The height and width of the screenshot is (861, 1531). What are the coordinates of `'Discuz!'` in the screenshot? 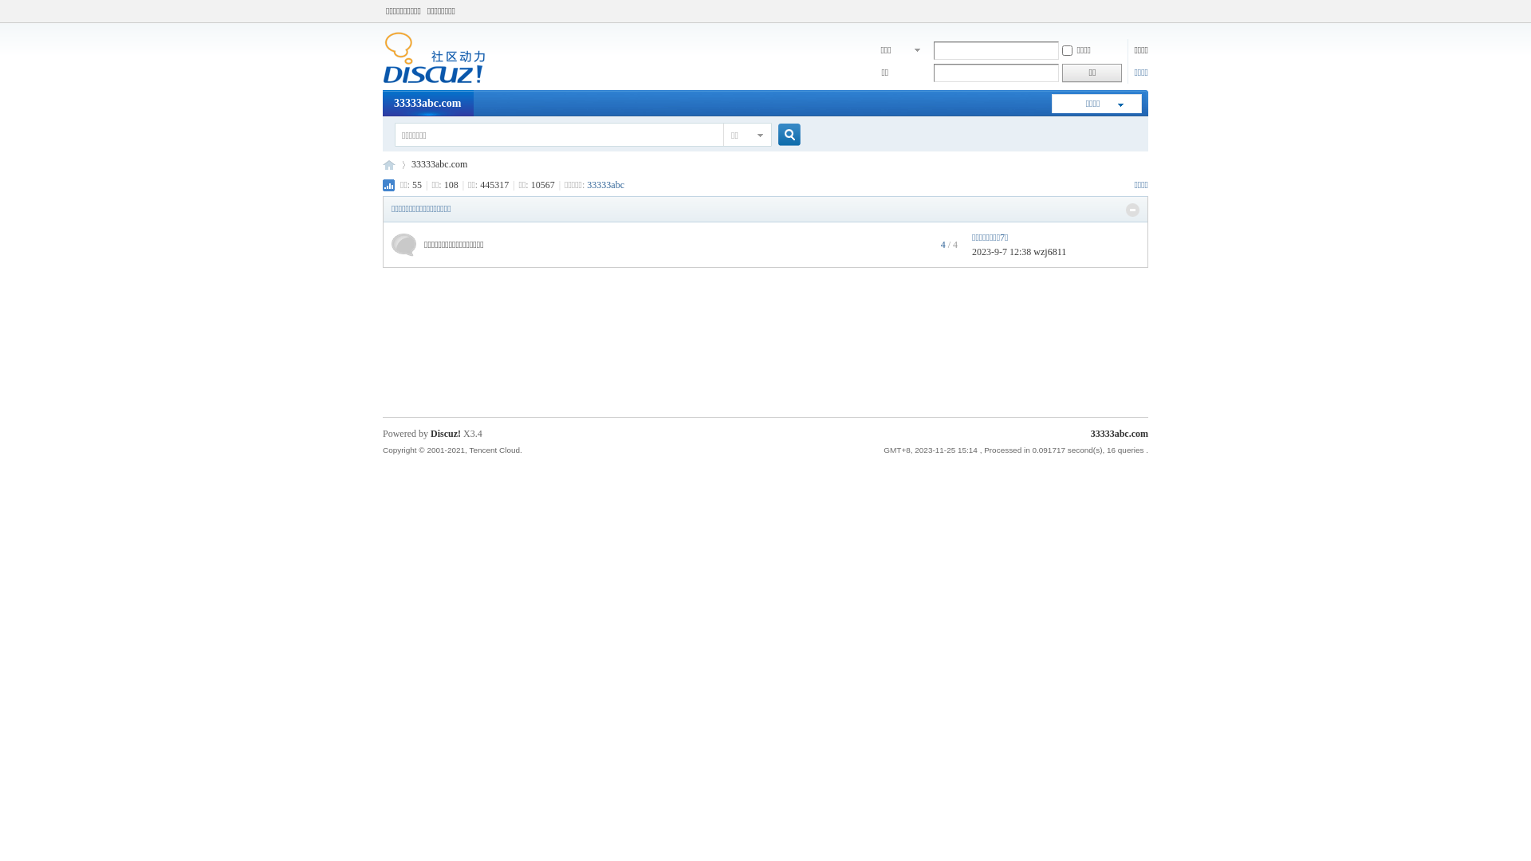 It's located at (445, 433).